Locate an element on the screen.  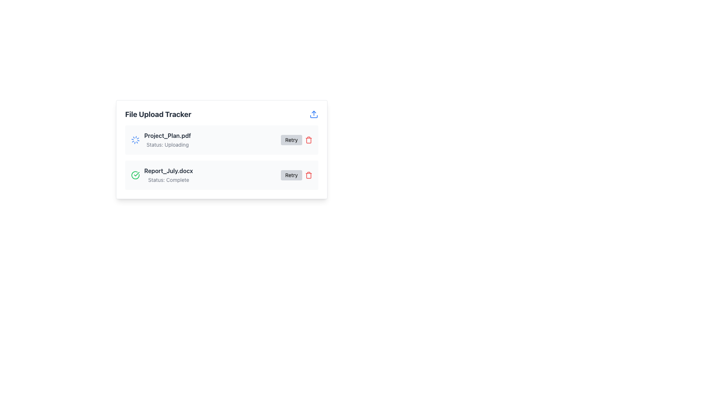
file name 'Report_July.docx' and its current upload status 'Complete' displayed in the text display of the second item in the file upload tracker interface is located at coordinates (168, 175).